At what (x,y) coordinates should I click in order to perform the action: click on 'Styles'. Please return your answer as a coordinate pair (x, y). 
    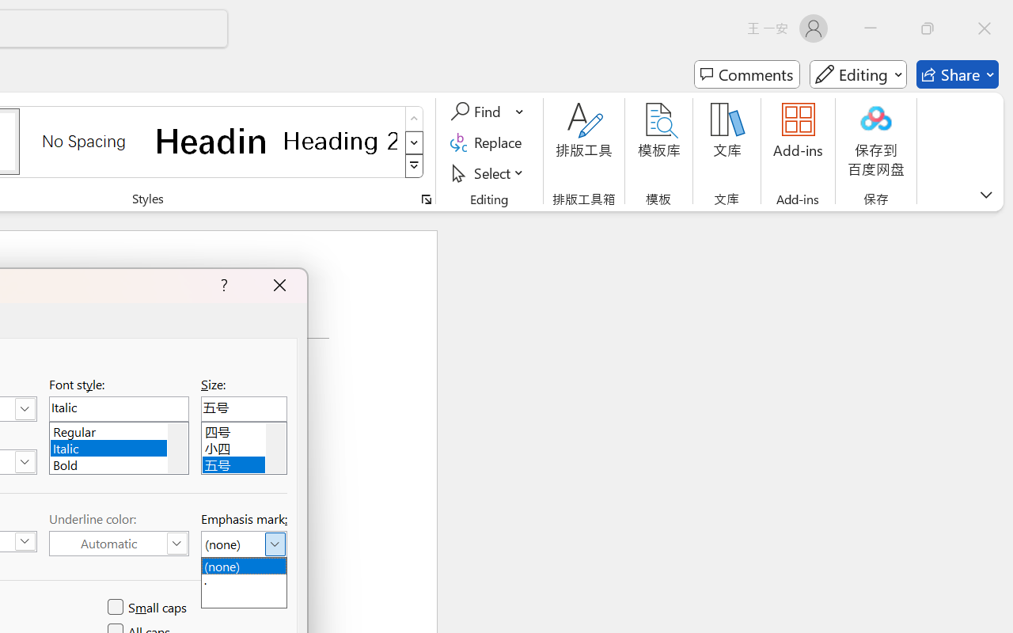
    Looking at the image, I should click on (414, 166).